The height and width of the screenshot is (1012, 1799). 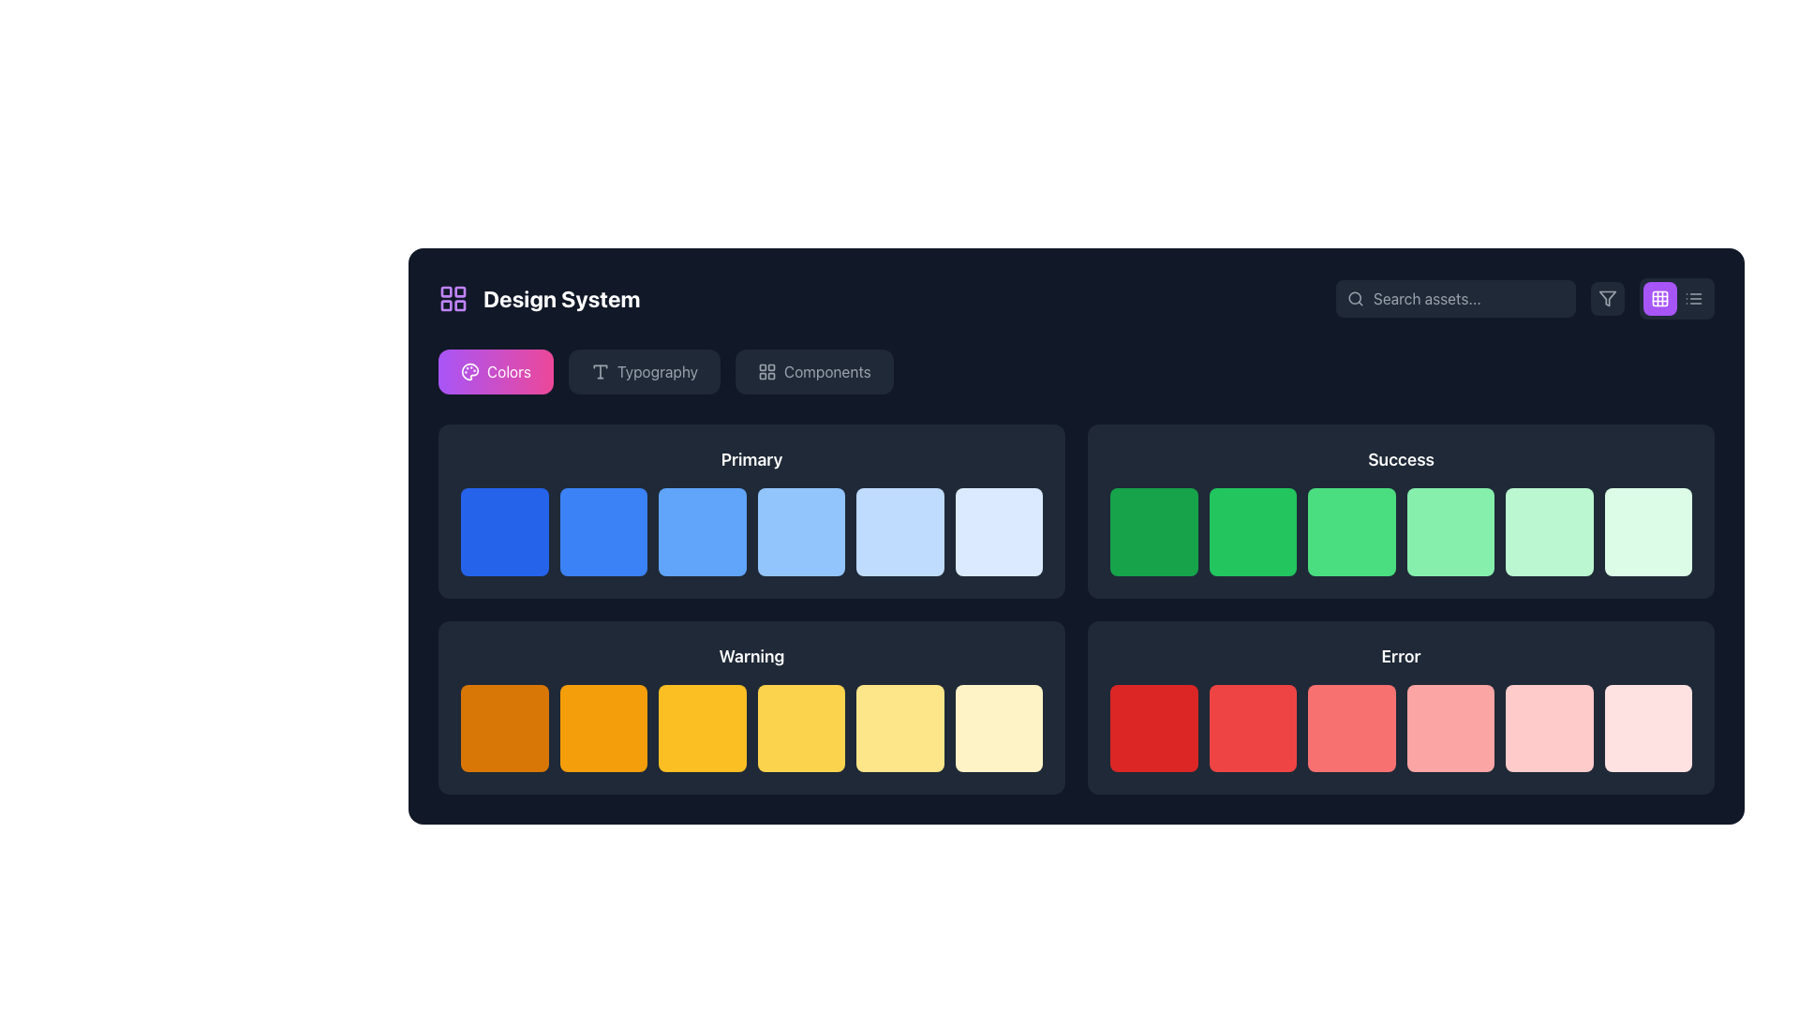 I want to click on on the sixth color selection tile located in the bottom-right corner of the 'Primary' section, so click(x=998, y=531).